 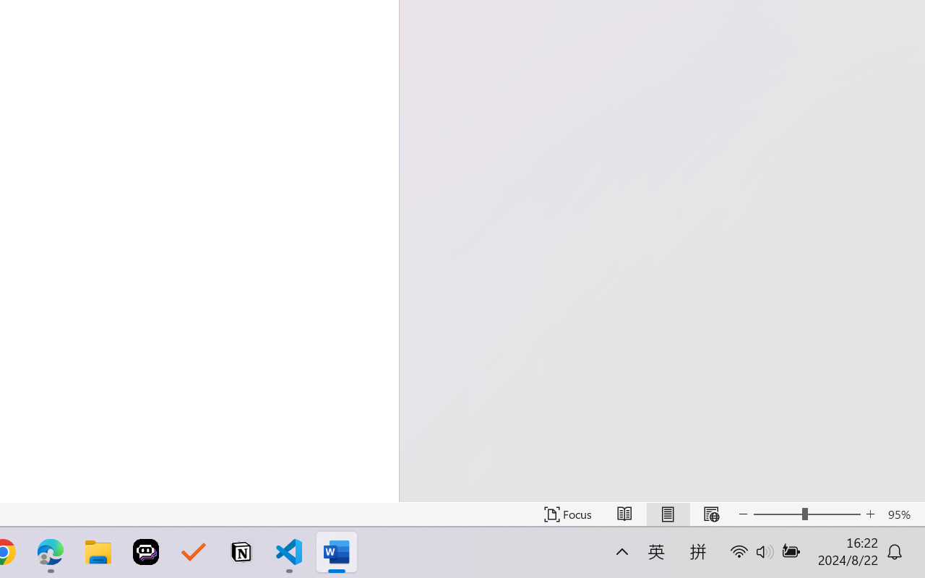 I want to click on 'AutomationID: 4105', so click(x=805, y=561).